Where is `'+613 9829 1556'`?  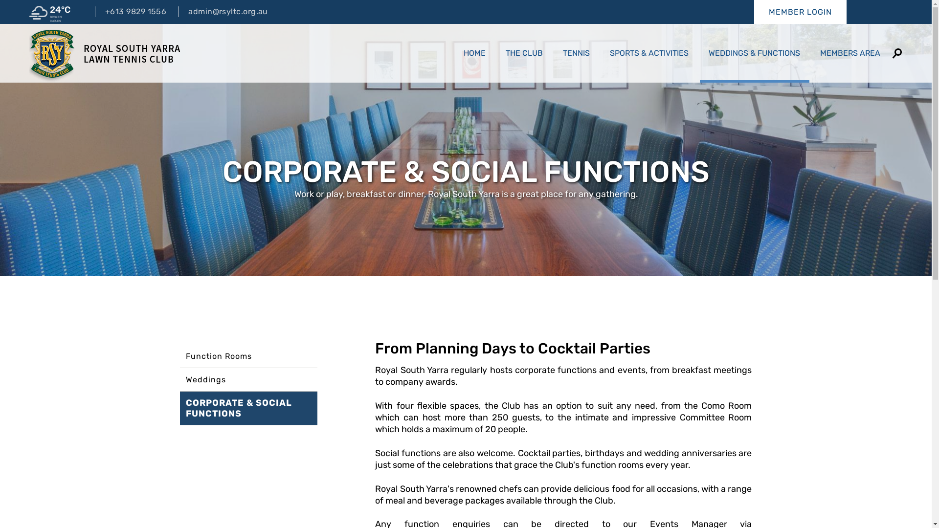 '+613 9829 1556' is located at coordinates (130, 11).